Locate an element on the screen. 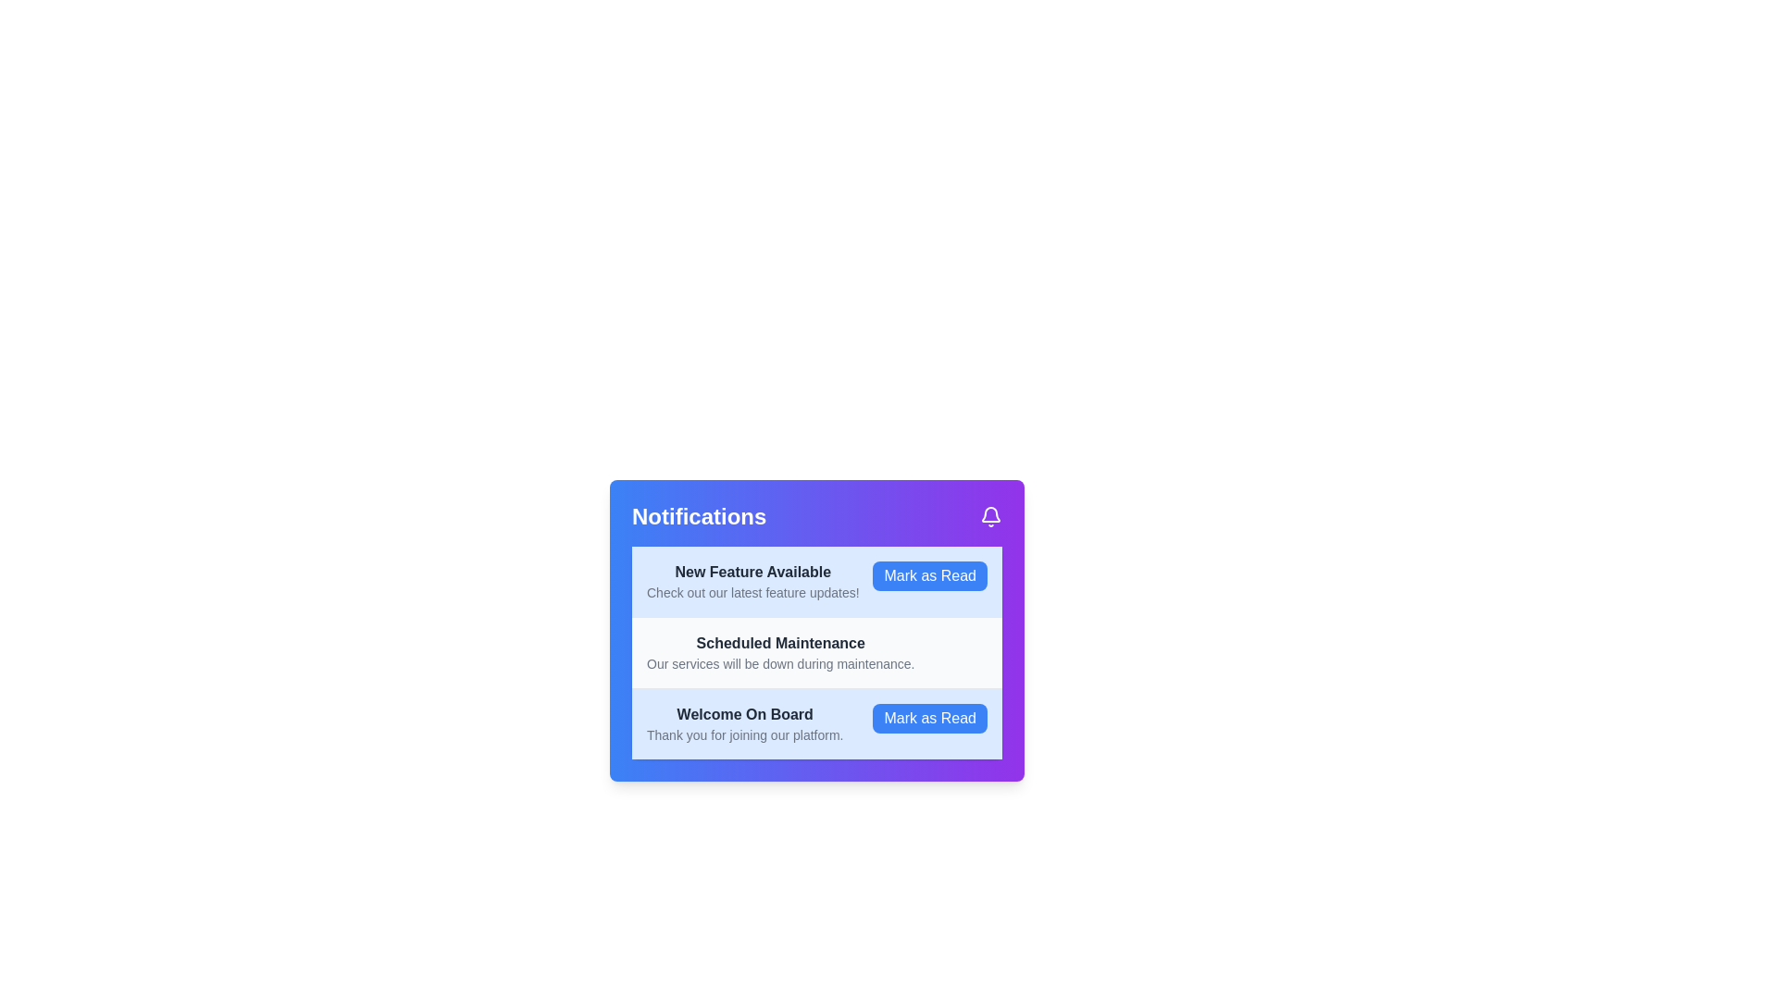  the text element displaying 'Thank you for joining our platform.' which is positioned below the 'Welcome On Board' header in the notification card is located at coordinates (745, 734).